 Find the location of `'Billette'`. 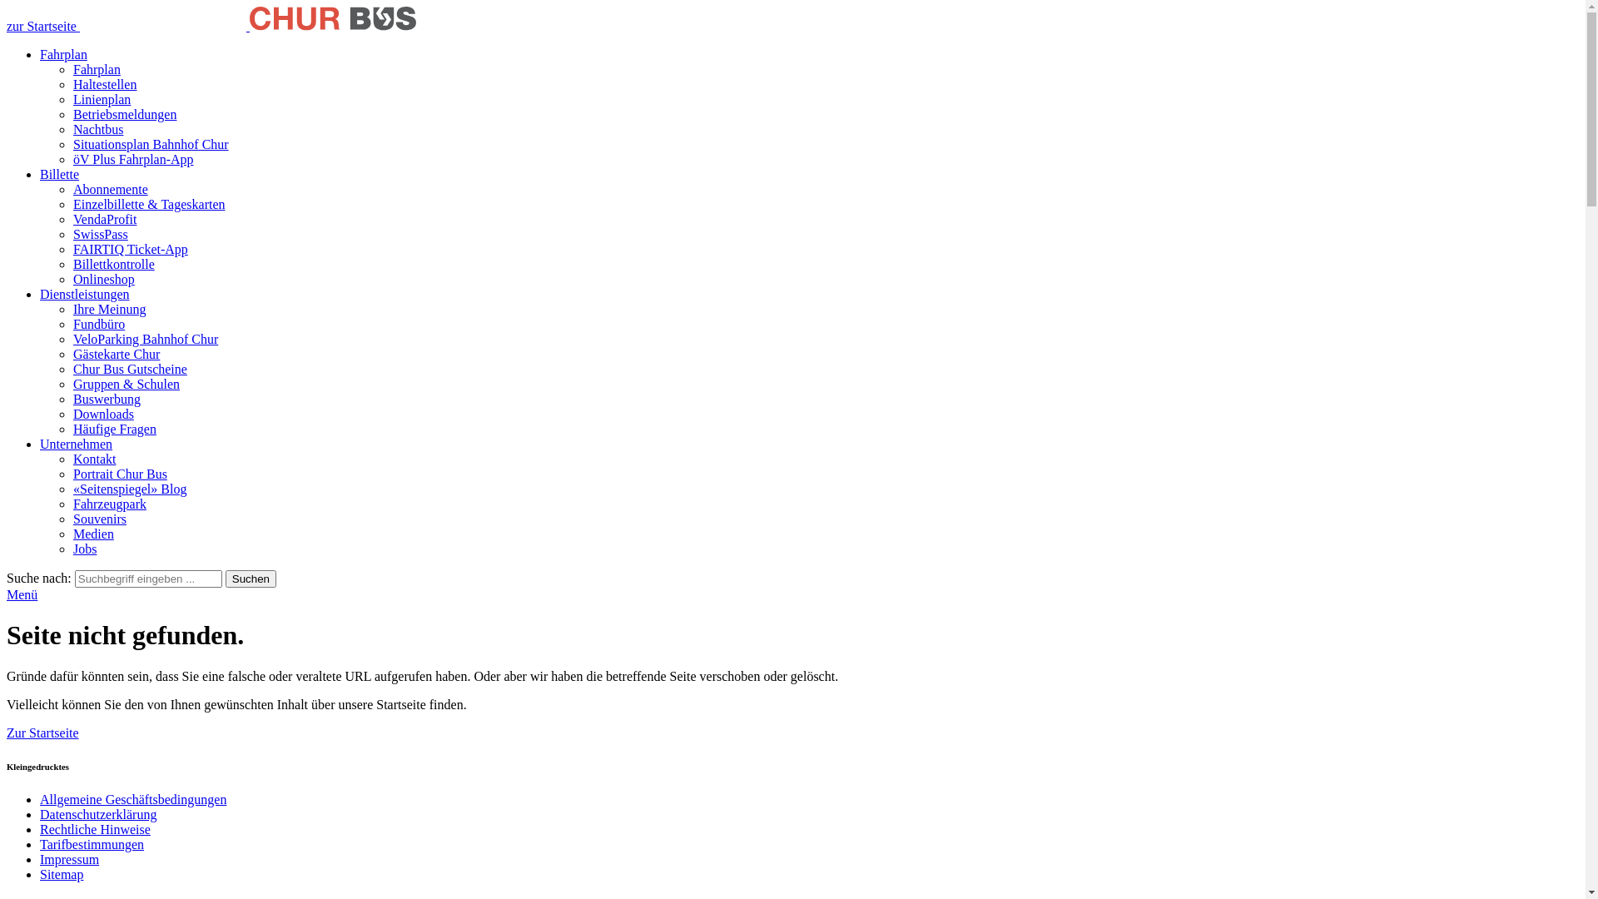

'Billette' is located at coordinates (40, 174).